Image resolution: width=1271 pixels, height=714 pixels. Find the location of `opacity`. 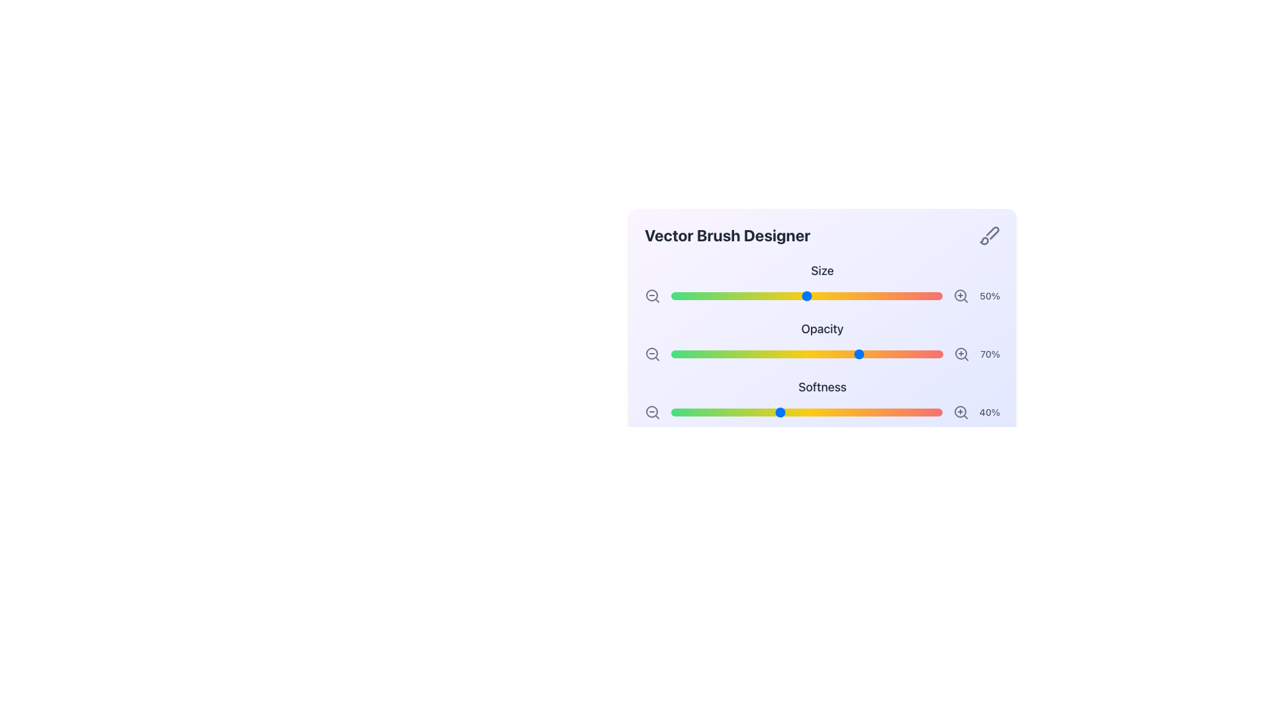

opacity is located at coordinates (812, 354).